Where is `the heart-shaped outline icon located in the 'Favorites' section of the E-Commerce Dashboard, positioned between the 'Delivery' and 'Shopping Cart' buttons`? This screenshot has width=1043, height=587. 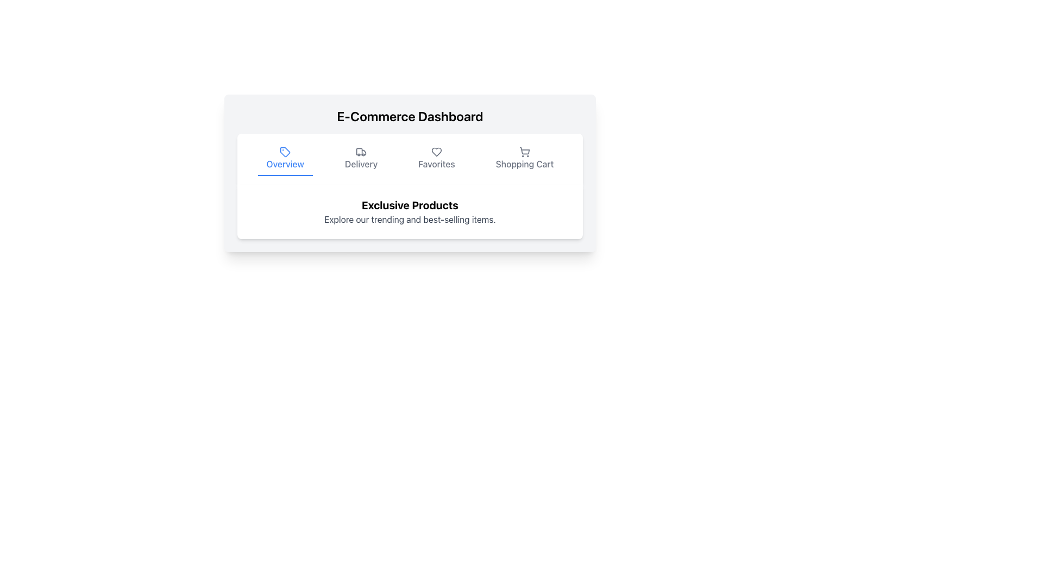 the heart-shaped outline icon located in the 'Favorites' section of the E-Commerce Dashboard, positioned between the 'Delivery' and 'Shopping Cart' buttons is located at coordinates (436, 152).